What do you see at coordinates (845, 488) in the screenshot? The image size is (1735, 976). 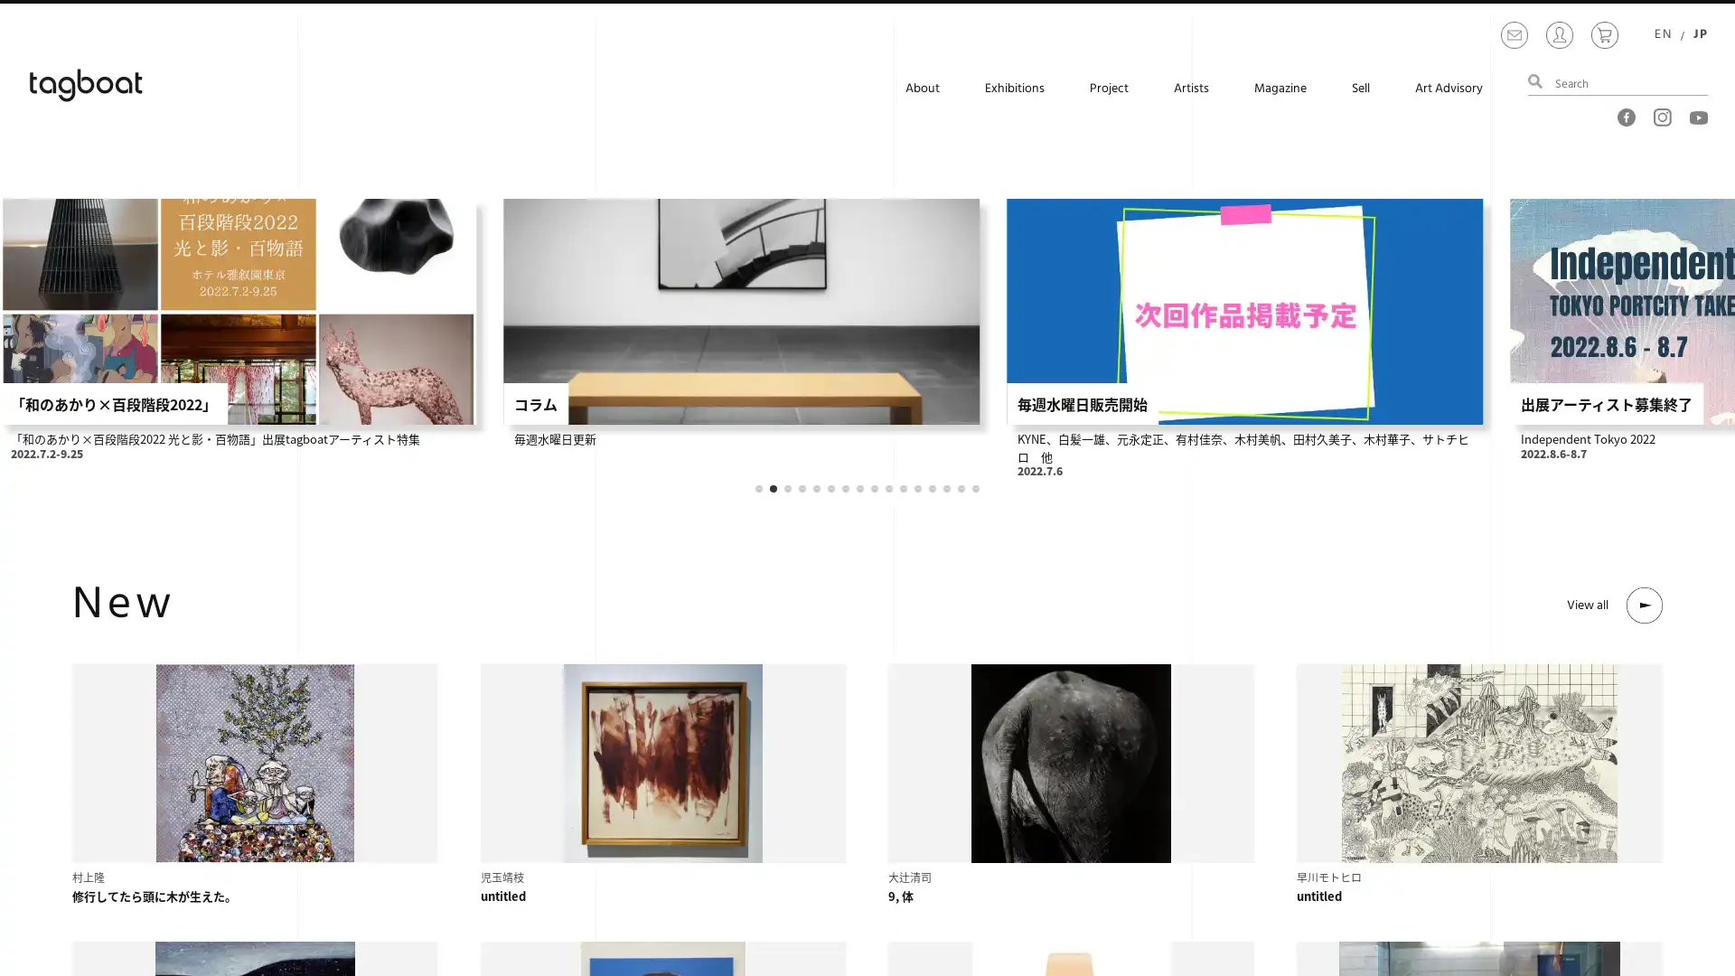 I see `Go to slide 7` at bounding box center [845, 488].